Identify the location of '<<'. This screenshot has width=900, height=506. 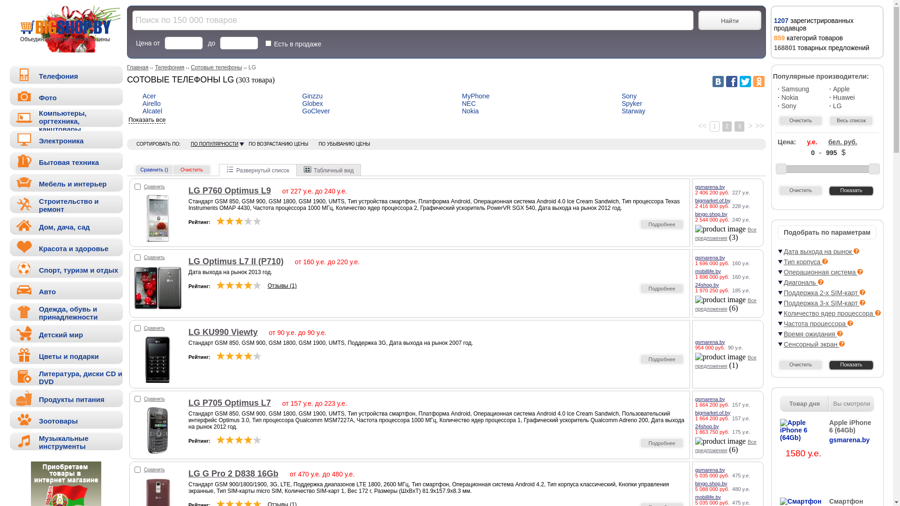
(697, 125).